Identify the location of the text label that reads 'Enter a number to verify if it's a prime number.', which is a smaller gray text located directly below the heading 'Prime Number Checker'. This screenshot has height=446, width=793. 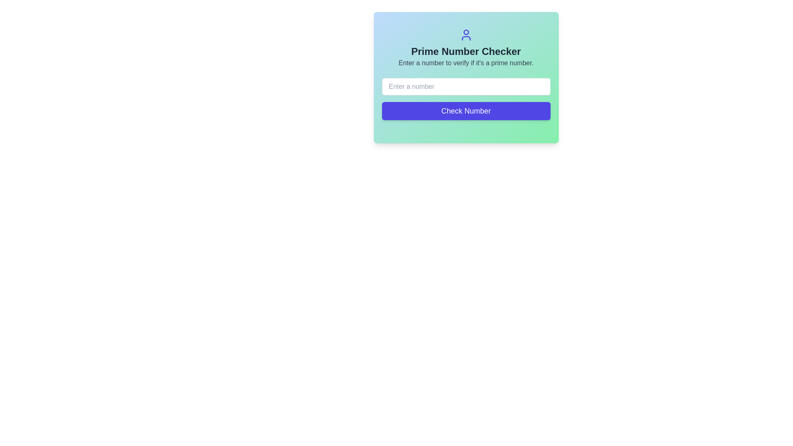
(466, 63).